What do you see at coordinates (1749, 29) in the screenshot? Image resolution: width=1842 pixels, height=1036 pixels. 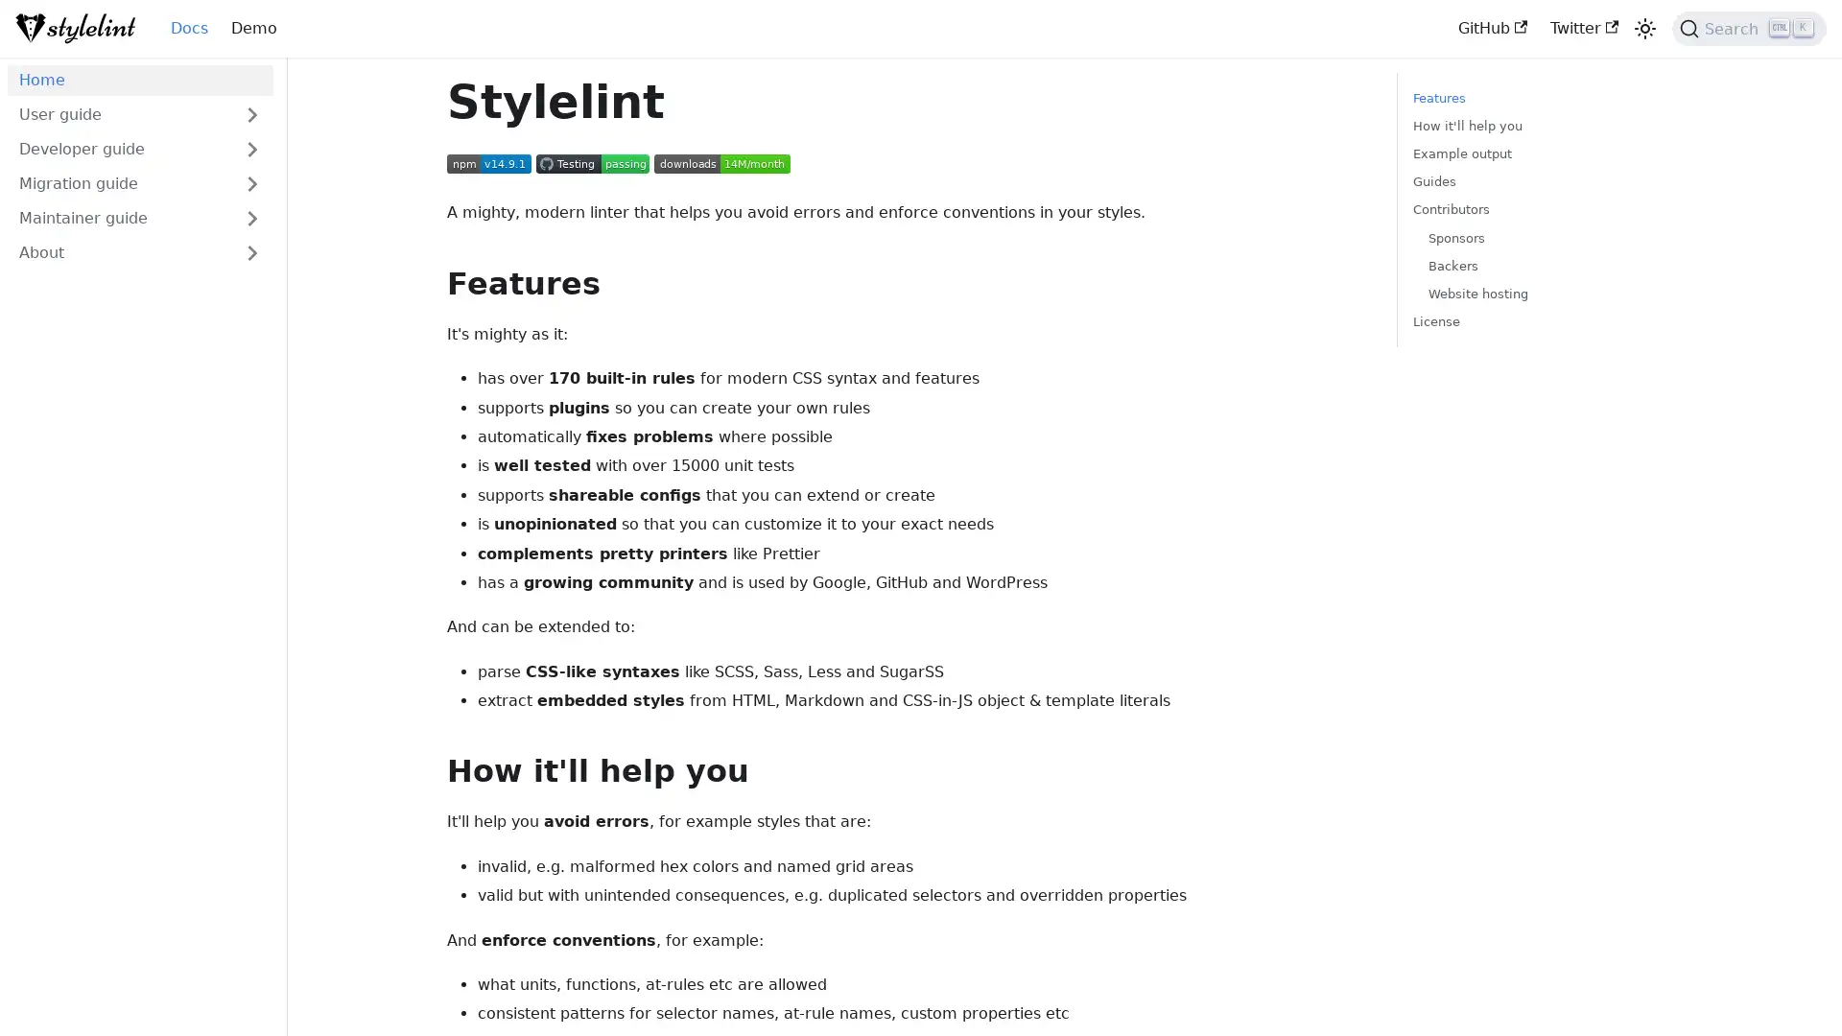 I see `Search` at bounding box center [1749, 29].